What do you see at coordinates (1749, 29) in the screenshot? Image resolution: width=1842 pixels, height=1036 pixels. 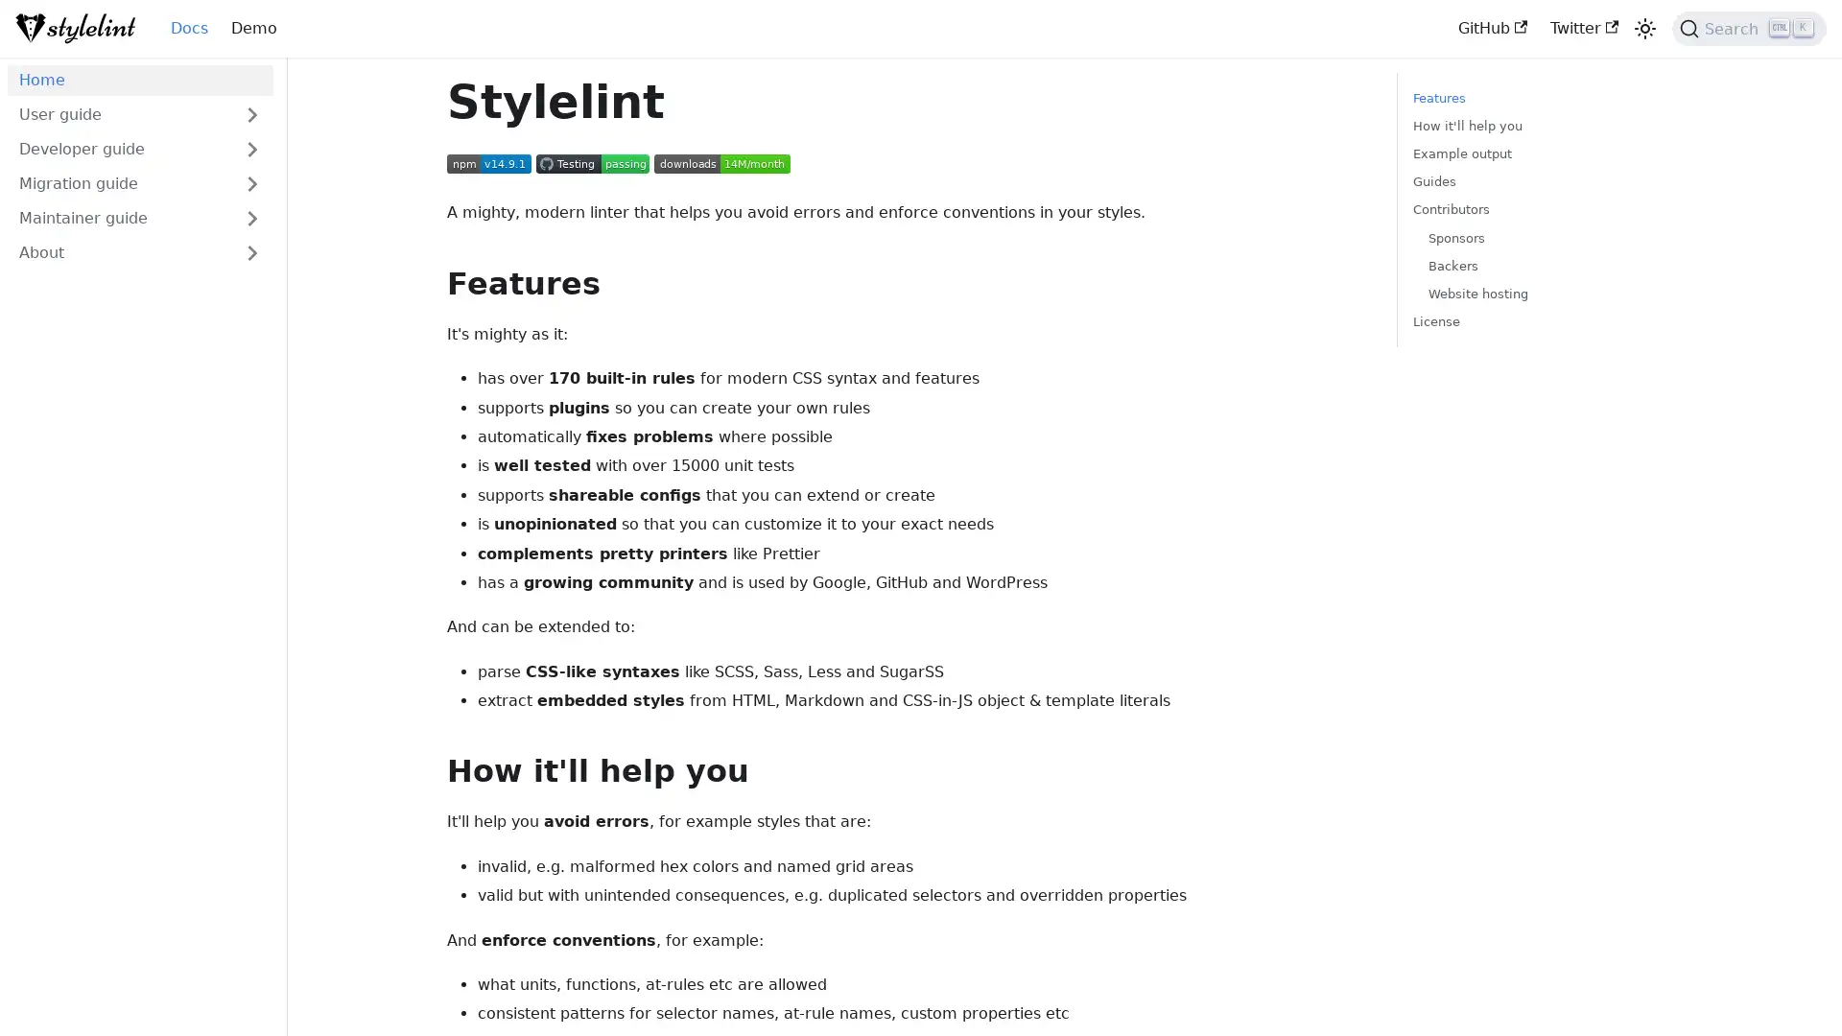 I see `Search` at bounding box center [1749, 29].